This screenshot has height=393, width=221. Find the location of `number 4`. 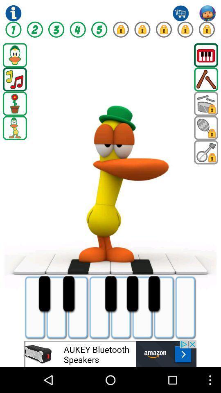

number 4 is located at coordinates (78, 29).